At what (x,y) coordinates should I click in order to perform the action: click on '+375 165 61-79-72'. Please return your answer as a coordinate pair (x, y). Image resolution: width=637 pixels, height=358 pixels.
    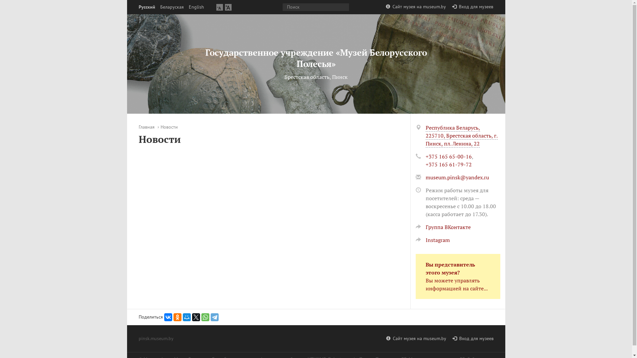
    Looking at the image, I should click on (448, 164).